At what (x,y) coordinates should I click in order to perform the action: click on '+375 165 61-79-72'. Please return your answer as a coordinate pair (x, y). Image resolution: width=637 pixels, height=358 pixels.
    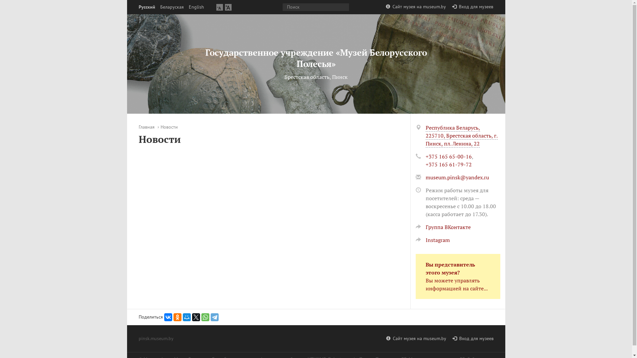
    Looking at the image, I should click on (448, 164).